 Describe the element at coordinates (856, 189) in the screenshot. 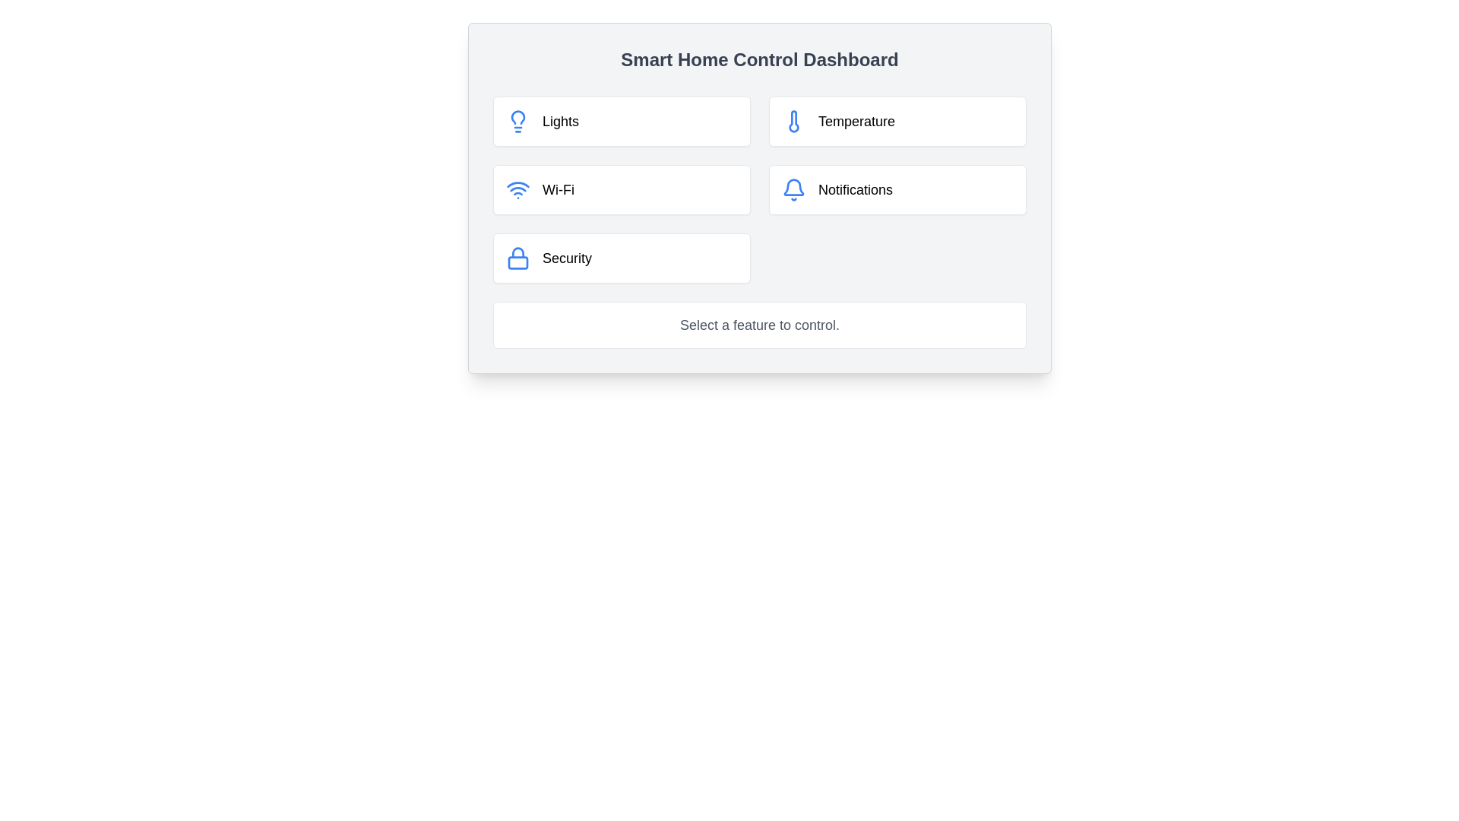

I see `the 'Notifications' text label, which is displayed in a medium-sized font within a white, rounded box, positioned to the right of a bell icon` at that location.